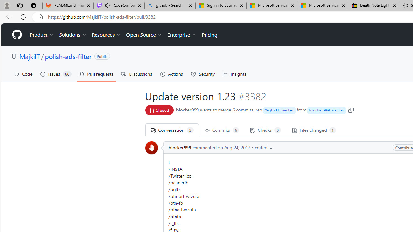 This screenshot has width=413, height=232. Describe the element at coordinates (222, 130) in the screenshot. I see `' Commits 6'` at that location.